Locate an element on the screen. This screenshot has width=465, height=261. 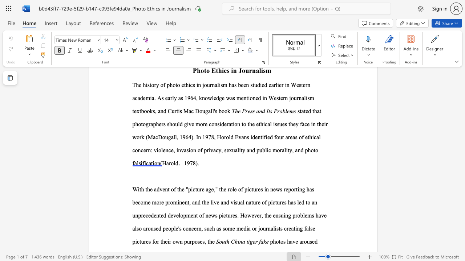
the subset text "ke" within the text "South China tiger fake" is located at coordinates (263, 241).